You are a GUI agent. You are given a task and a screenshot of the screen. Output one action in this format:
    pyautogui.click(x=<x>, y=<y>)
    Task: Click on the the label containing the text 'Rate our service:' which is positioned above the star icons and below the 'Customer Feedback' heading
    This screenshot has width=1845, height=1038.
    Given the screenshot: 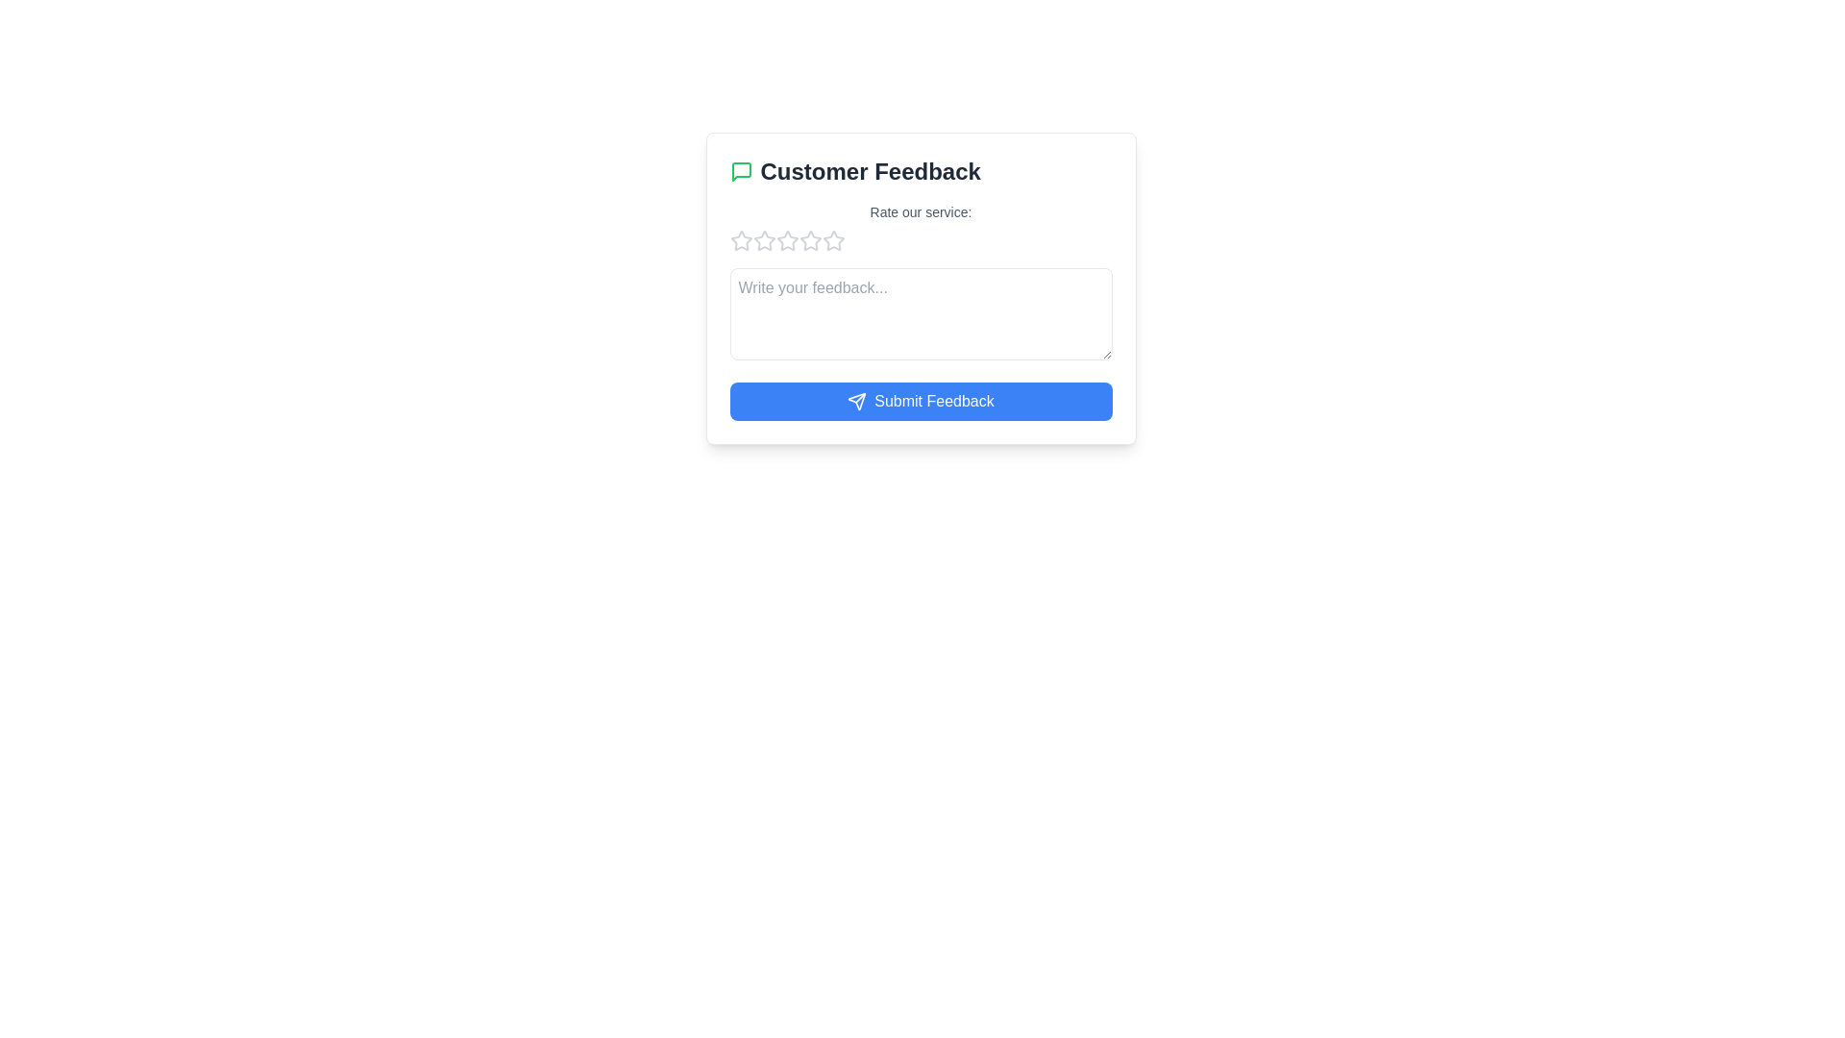 What is the action you would take?
    pyautogui.click(x=920, y=226)
    